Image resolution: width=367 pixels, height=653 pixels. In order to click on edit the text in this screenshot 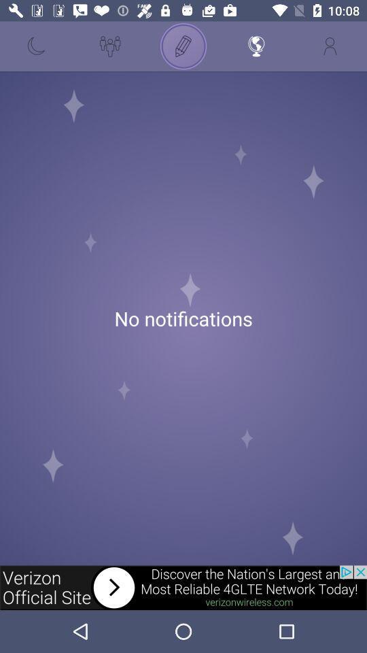, I will do `click(183, 46)`.